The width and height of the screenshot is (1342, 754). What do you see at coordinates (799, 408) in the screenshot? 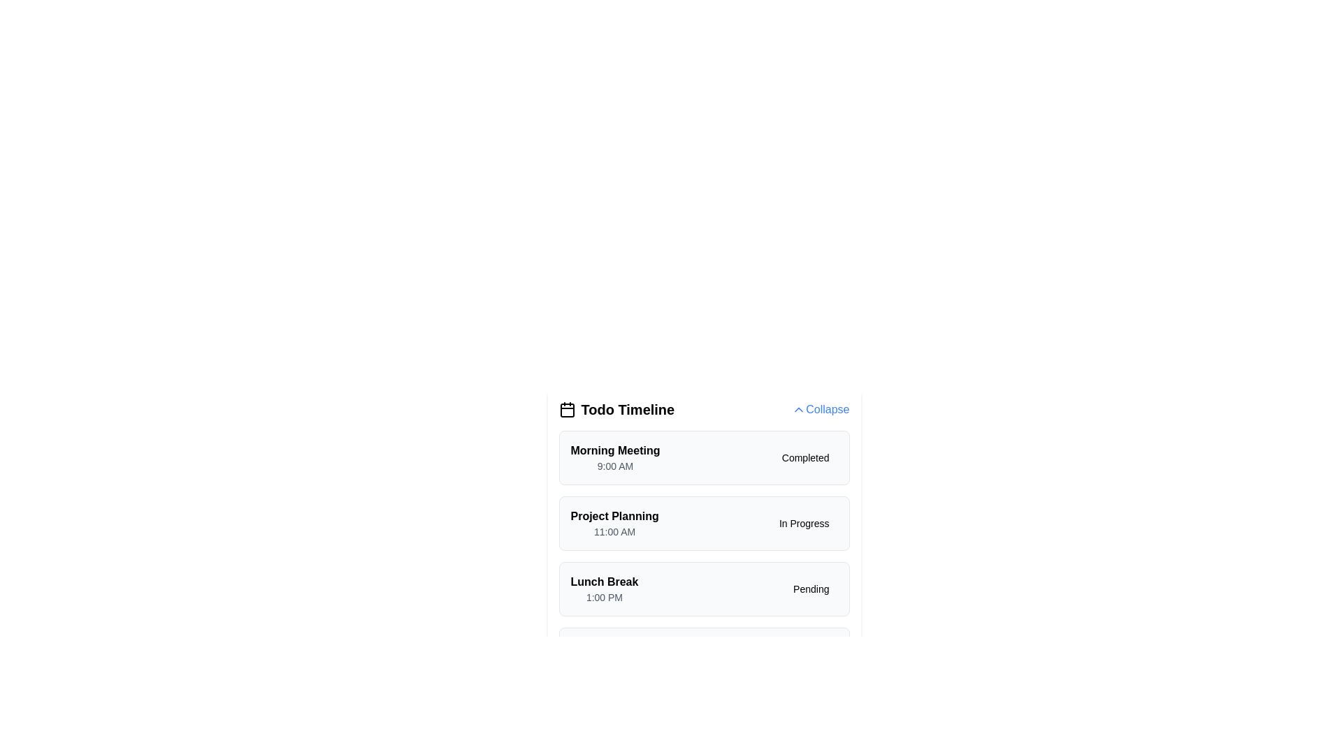
I see `the chevron icon located to the left of the 'Collapse' text in the top-right corner of the 'Todo Timeline' interface` at bounding box center [799, 408].